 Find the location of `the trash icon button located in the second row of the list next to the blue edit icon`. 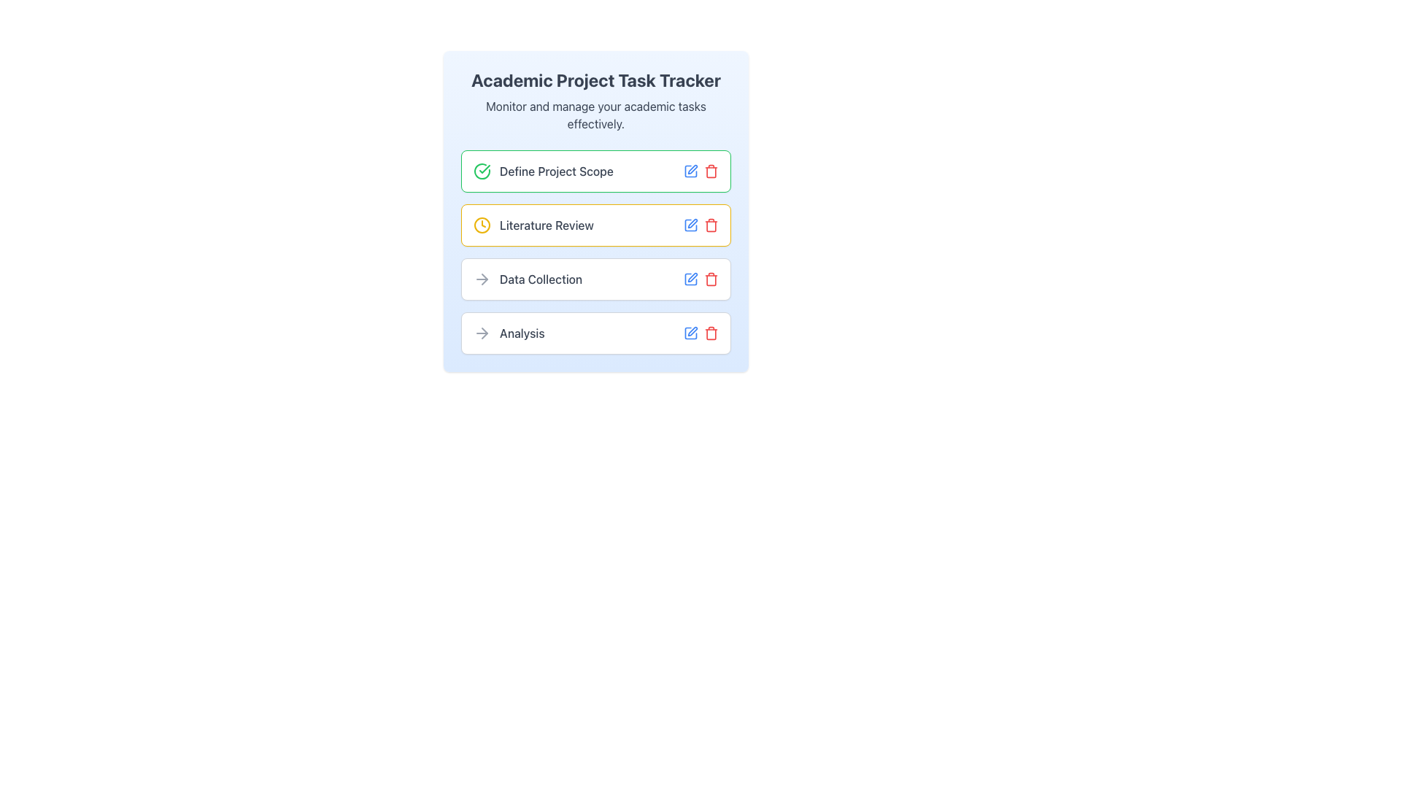

the trash icon button located in the second row of the list next to the blue edit icon is located at coordinates (711, 225).